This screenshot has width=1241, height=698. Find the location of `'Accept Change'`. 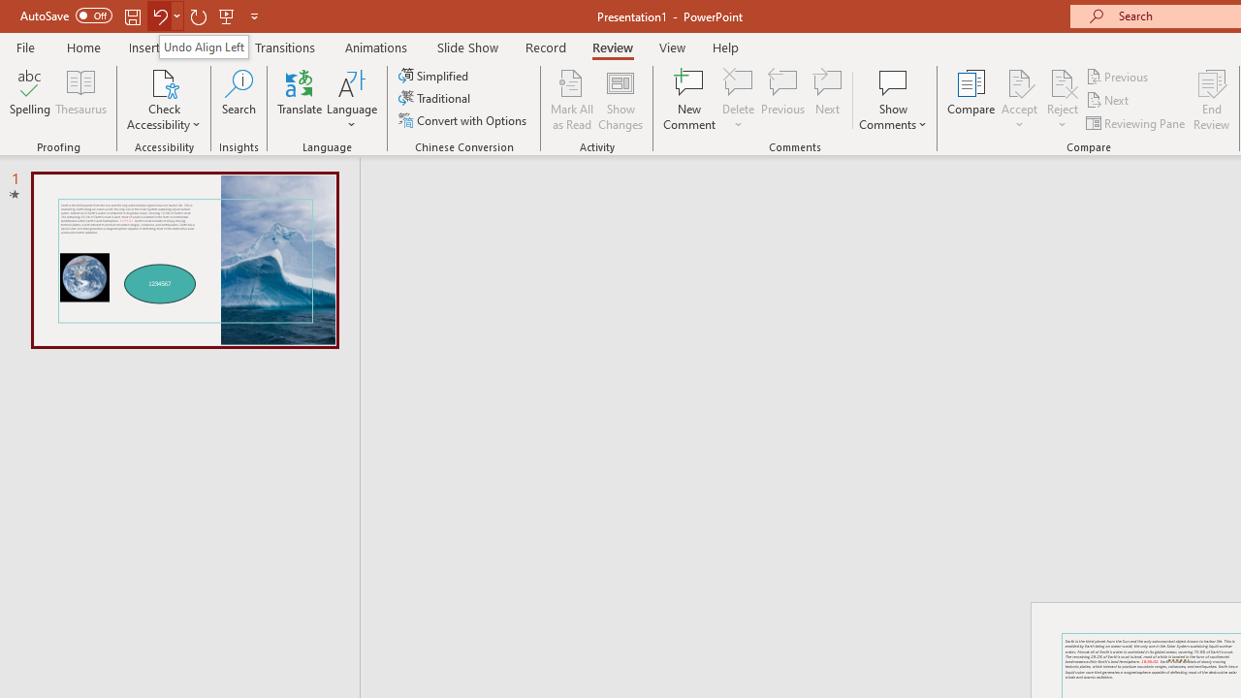

'Accept Change' is located at coordinates (1018, 81).